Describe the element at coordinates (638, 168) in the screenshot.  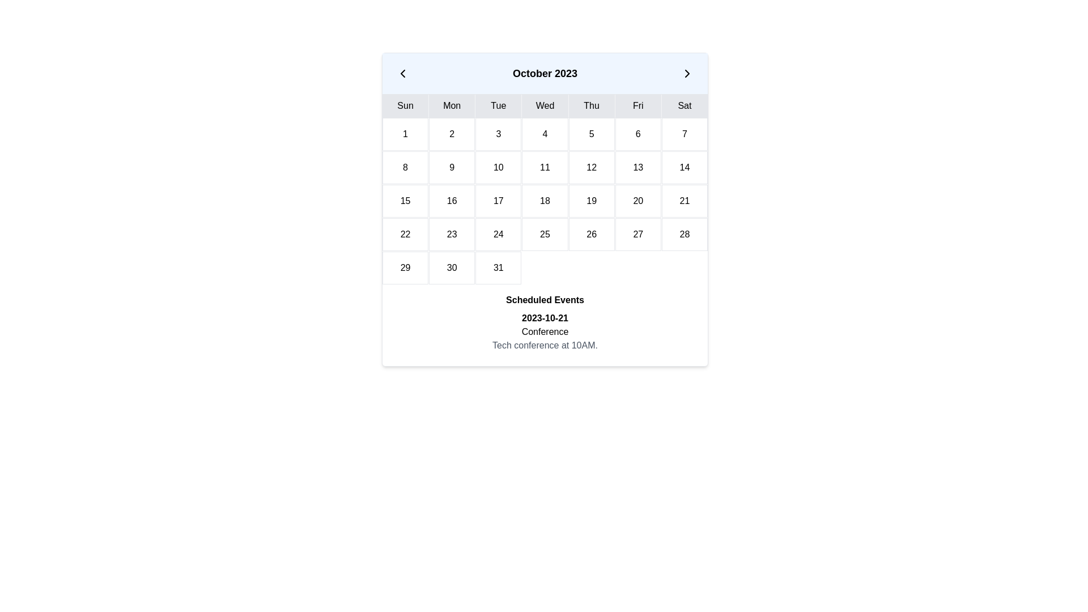
I see `the Calendar Date Cell representing the 13th day of the month located in the second row and sixth column of the calendar` at that location.